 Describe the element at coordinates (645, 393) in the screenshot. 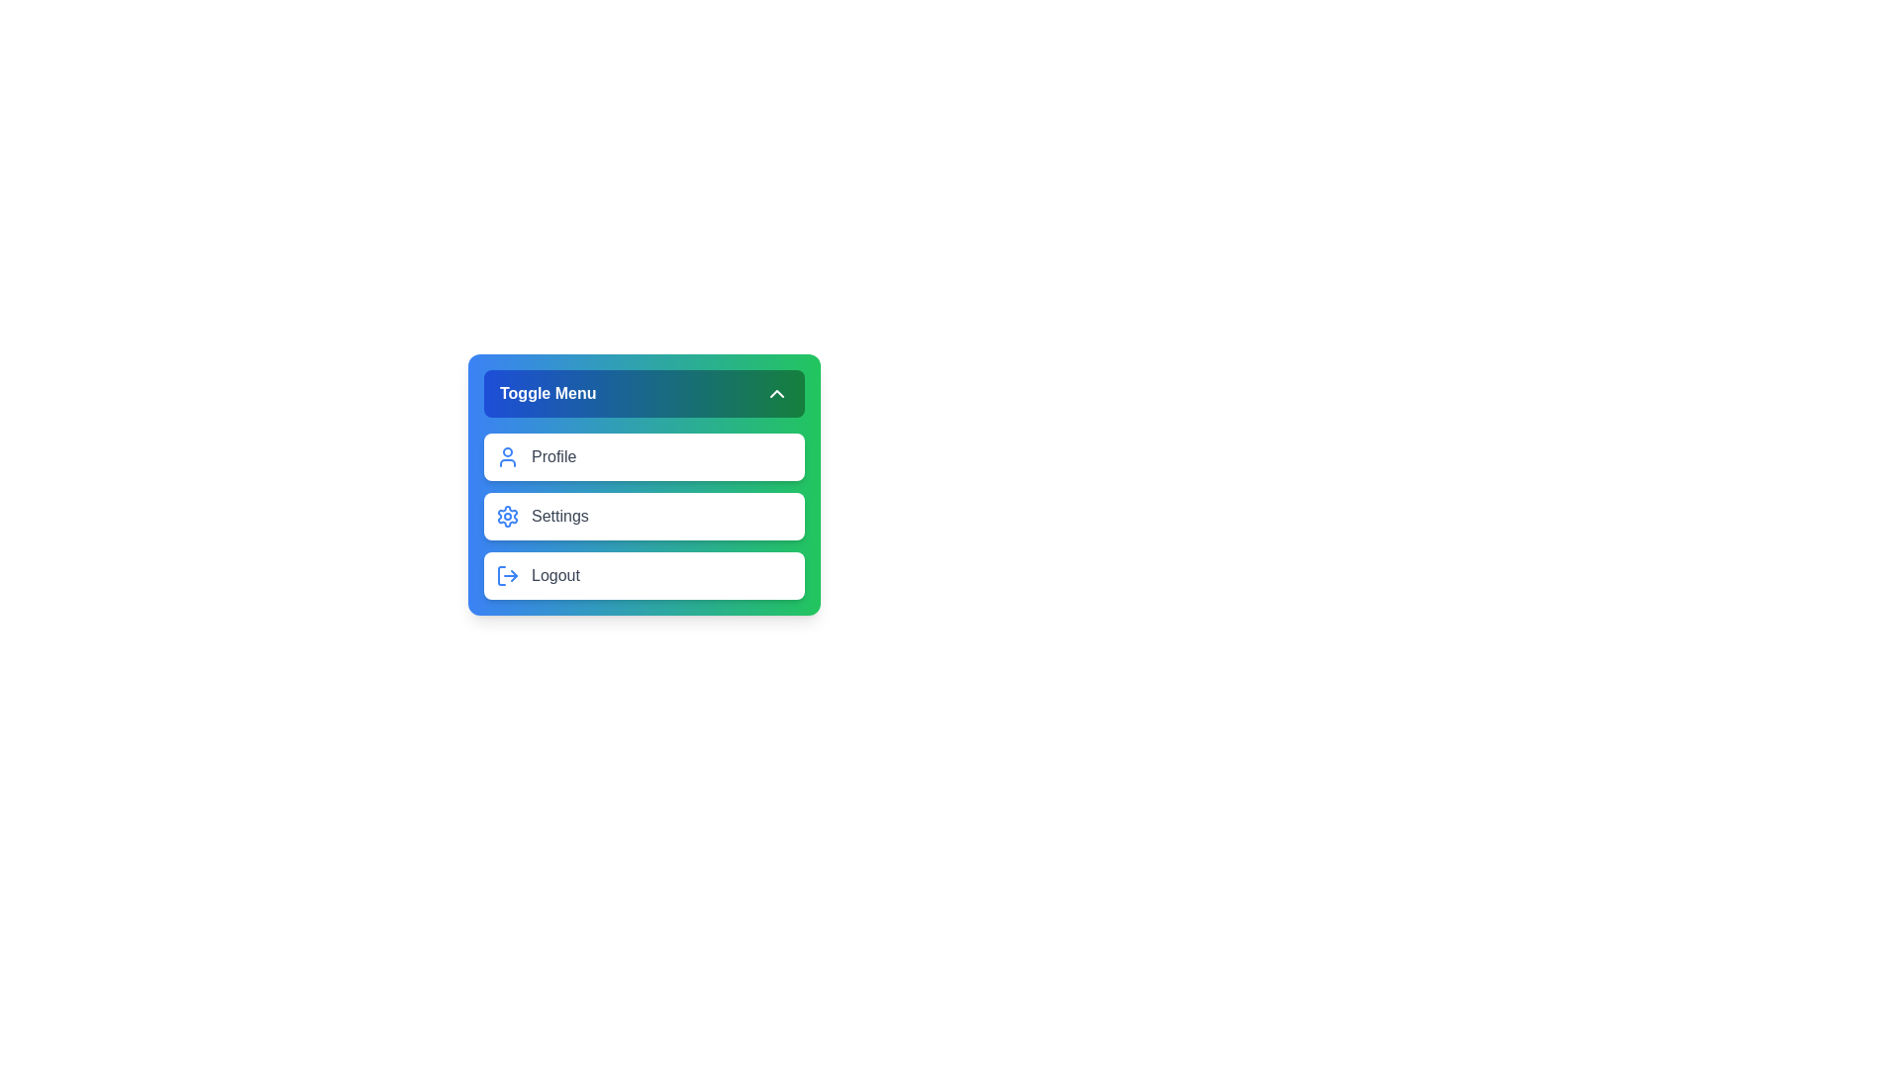

I see `the 'Toggle Menu' button to toggle the menu visibility` at that location.